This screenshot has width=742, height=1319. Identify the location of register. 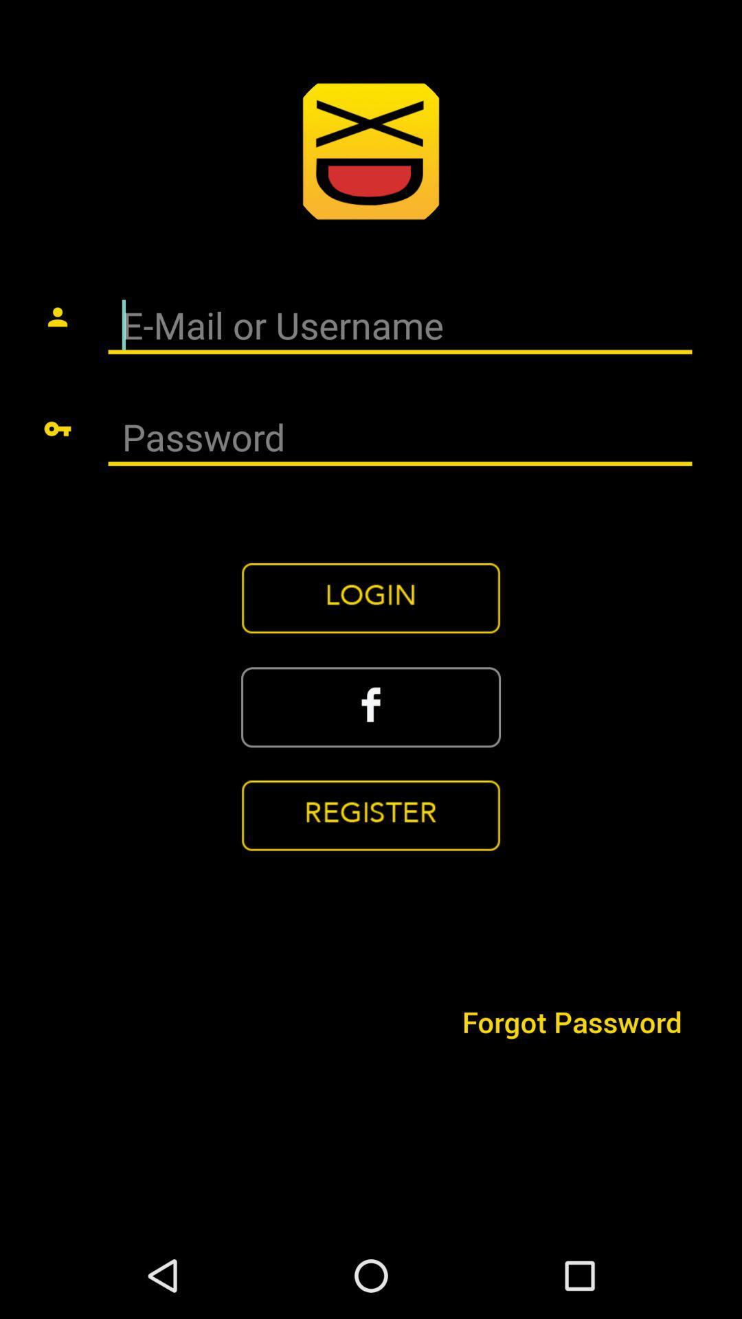
(371, 816).